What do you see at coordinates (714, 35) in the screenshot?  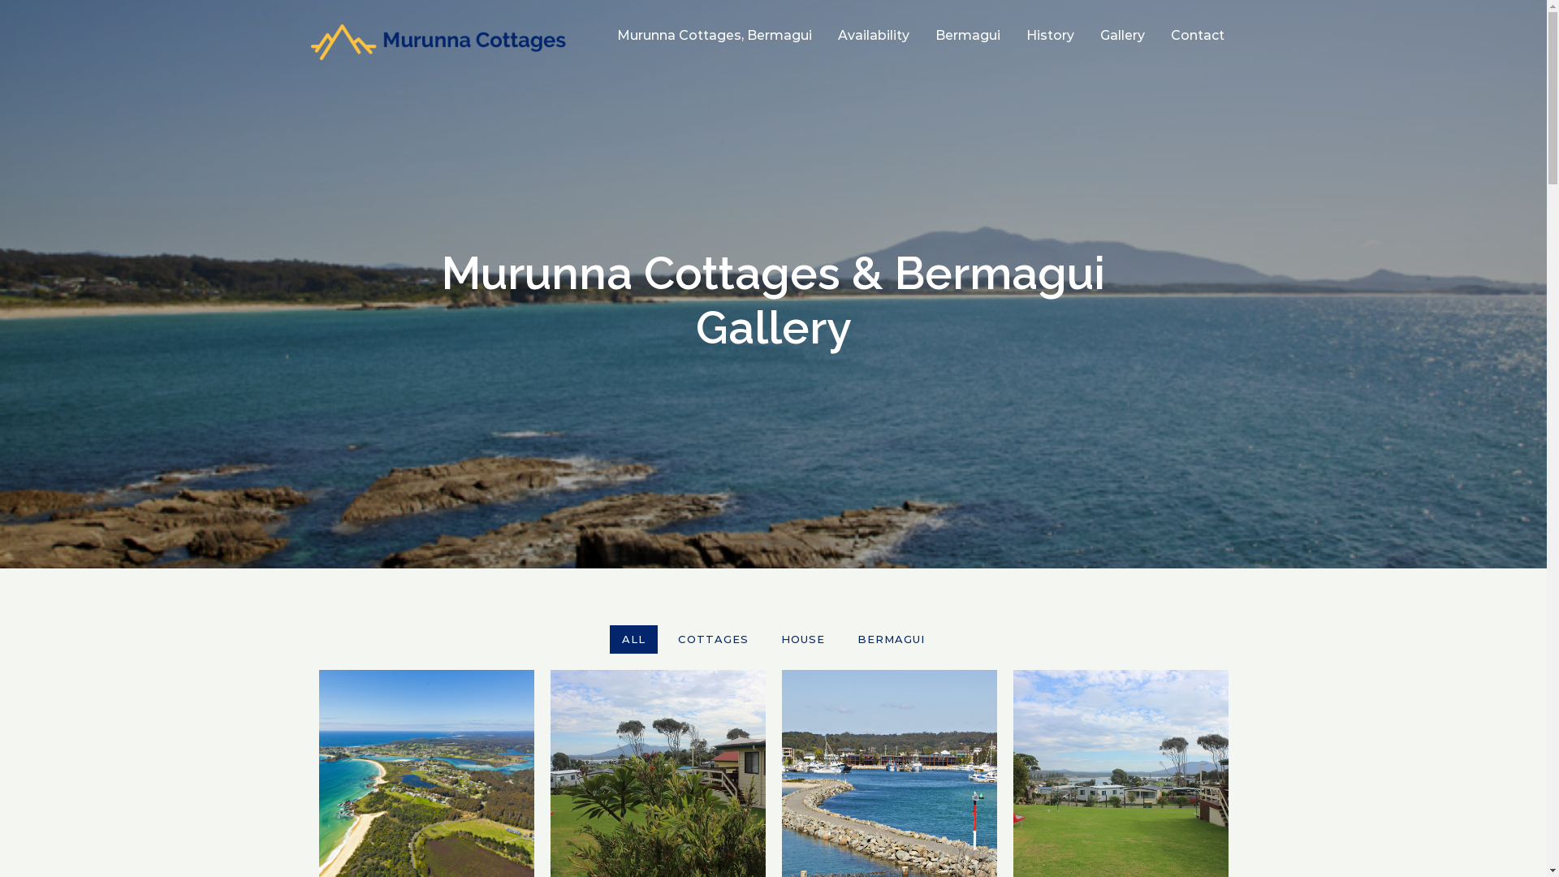 I see `'Murunna Cottages, Bermagui'` at bounding box center [714, 35].